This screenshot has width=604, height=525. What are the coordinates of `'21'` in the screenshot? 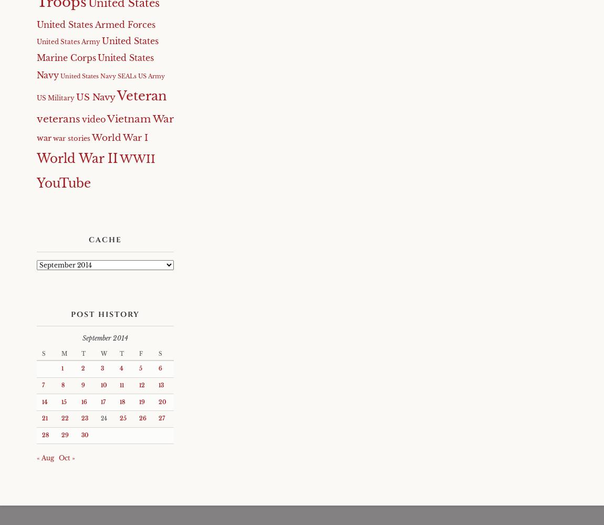 It's located at (44, 418).